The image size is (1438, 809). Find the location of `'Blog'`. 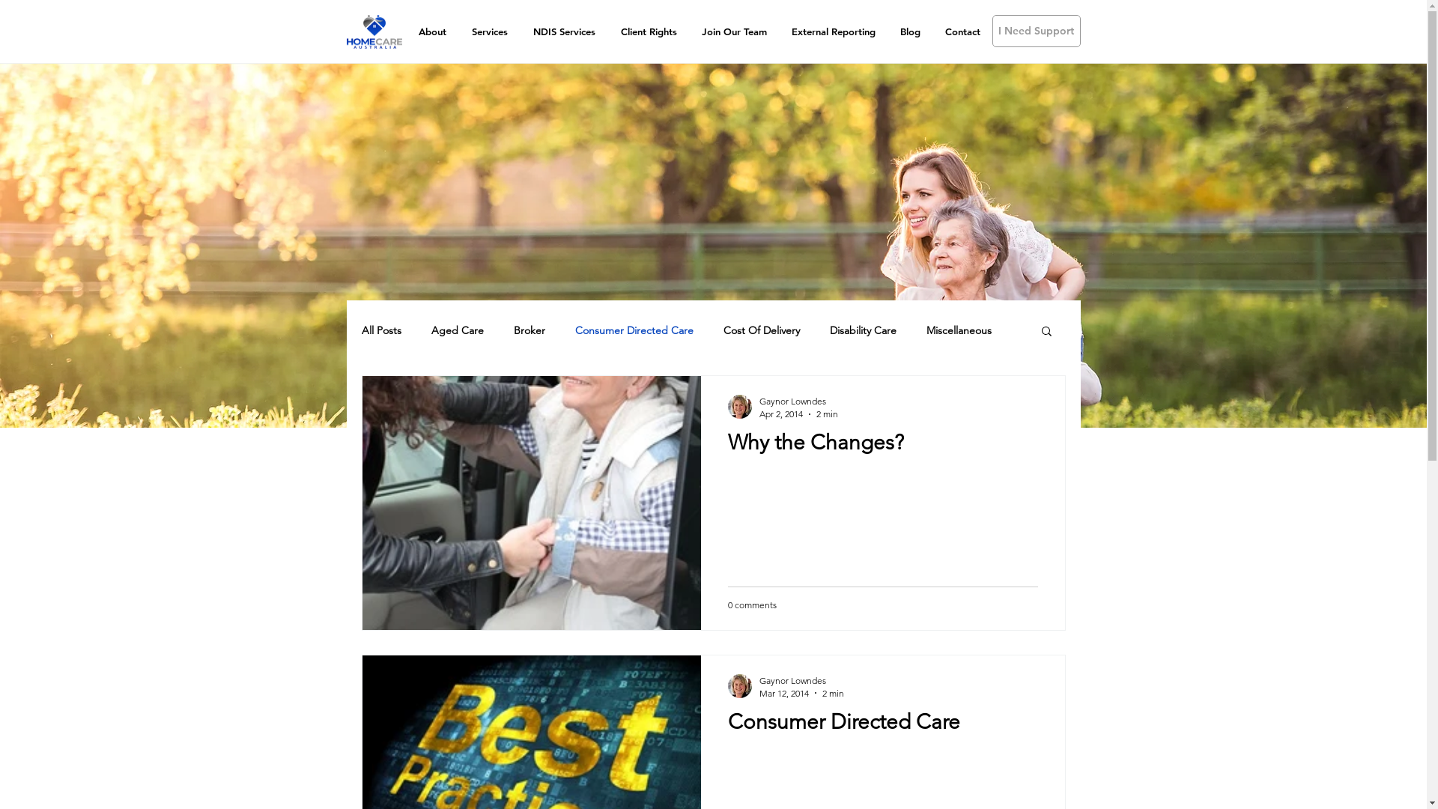

'Blog' is located at coordinates (909, 31).